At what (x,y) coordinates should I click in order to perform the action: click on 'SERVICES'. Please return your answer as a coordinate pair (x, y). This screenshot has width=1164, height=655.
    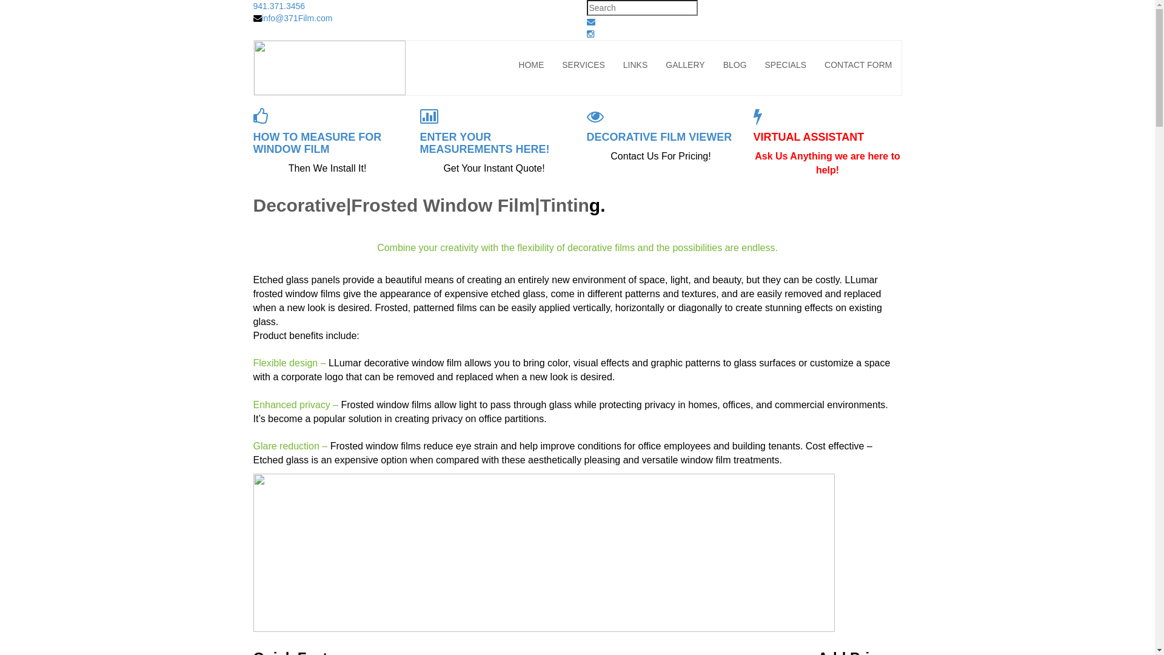
    Looking at the image, I should click on (583, 65).